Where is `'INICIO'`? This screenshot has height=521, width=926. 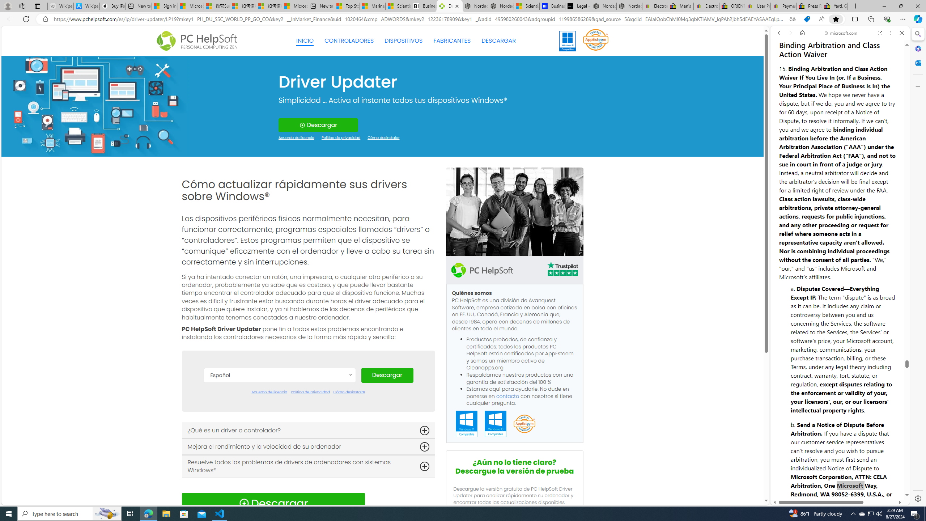
'INICIO' is located at coordinates (305, 41).